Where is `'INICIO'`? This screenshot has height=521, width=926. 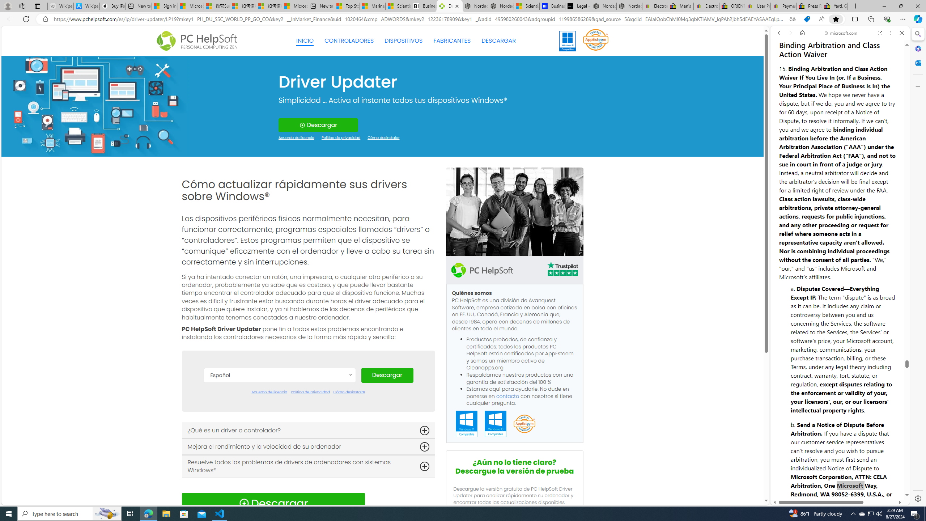
'INICIO' is located at coordinates (305, 41).